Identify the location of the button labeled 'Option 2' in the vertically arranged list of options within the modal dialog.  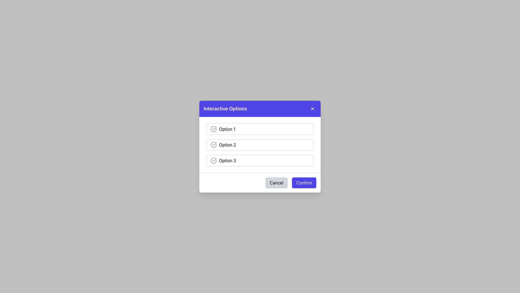
(260, 146).